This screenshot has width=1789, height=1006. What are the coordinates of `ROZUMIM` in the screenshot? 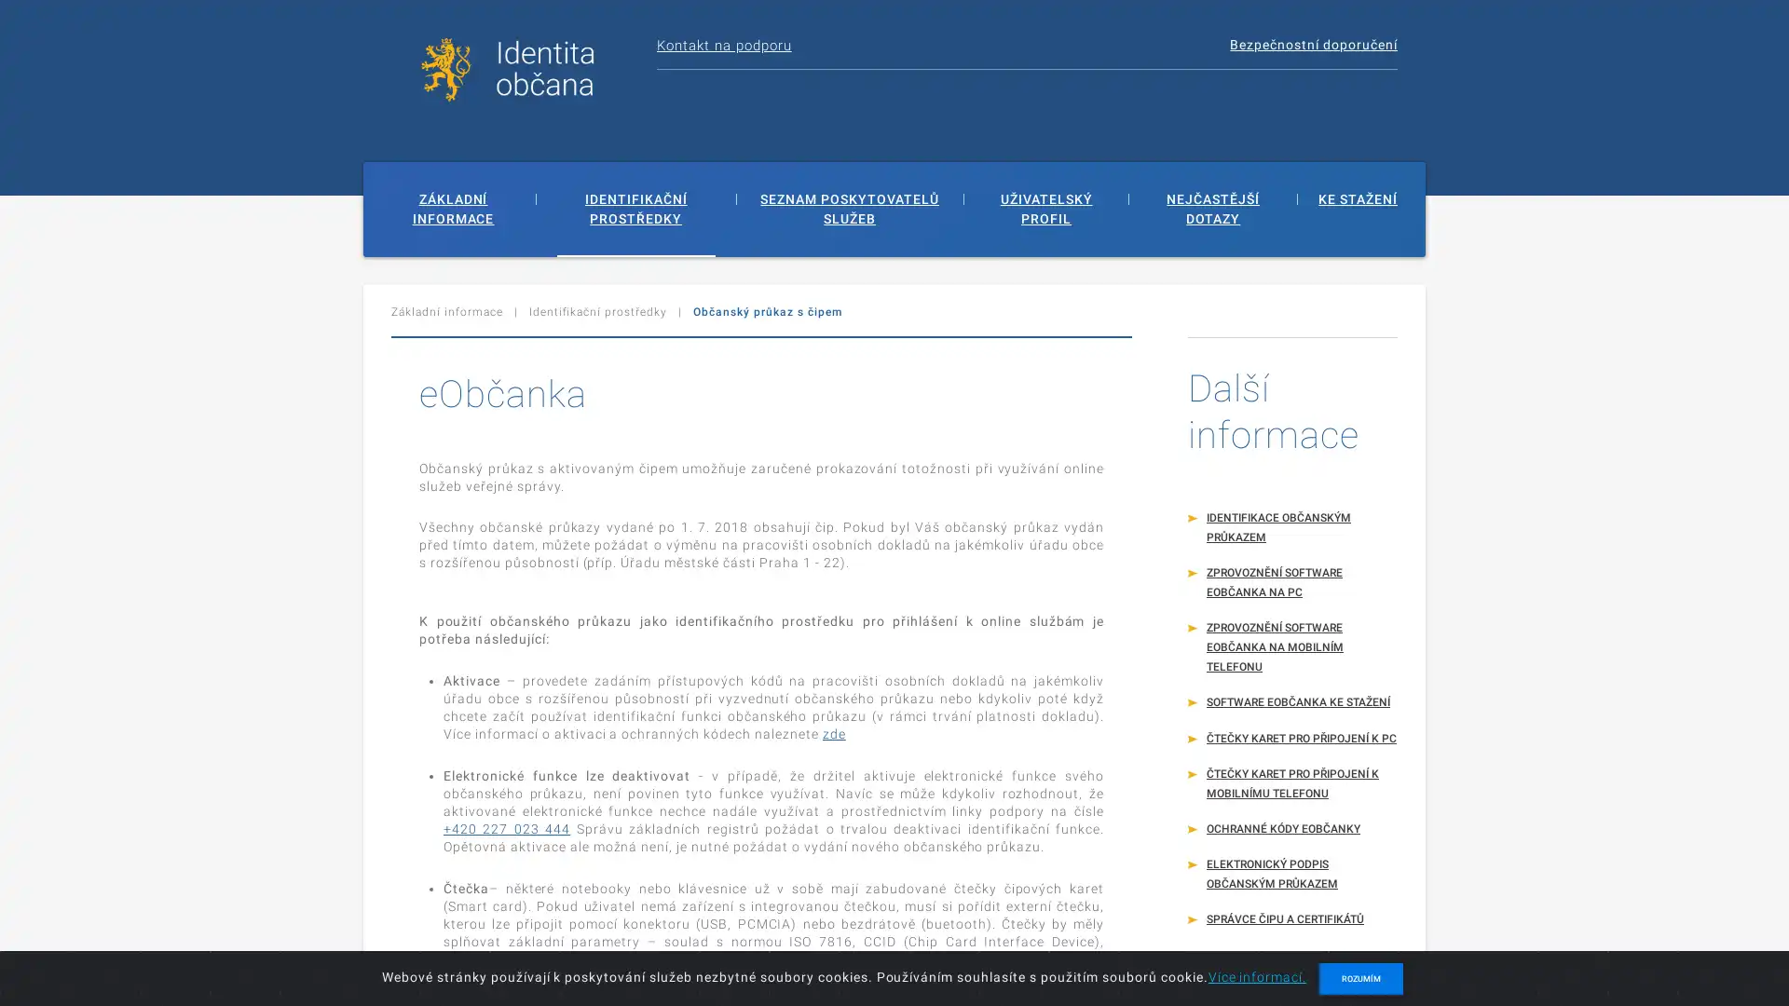 It's located at (1360, 976).